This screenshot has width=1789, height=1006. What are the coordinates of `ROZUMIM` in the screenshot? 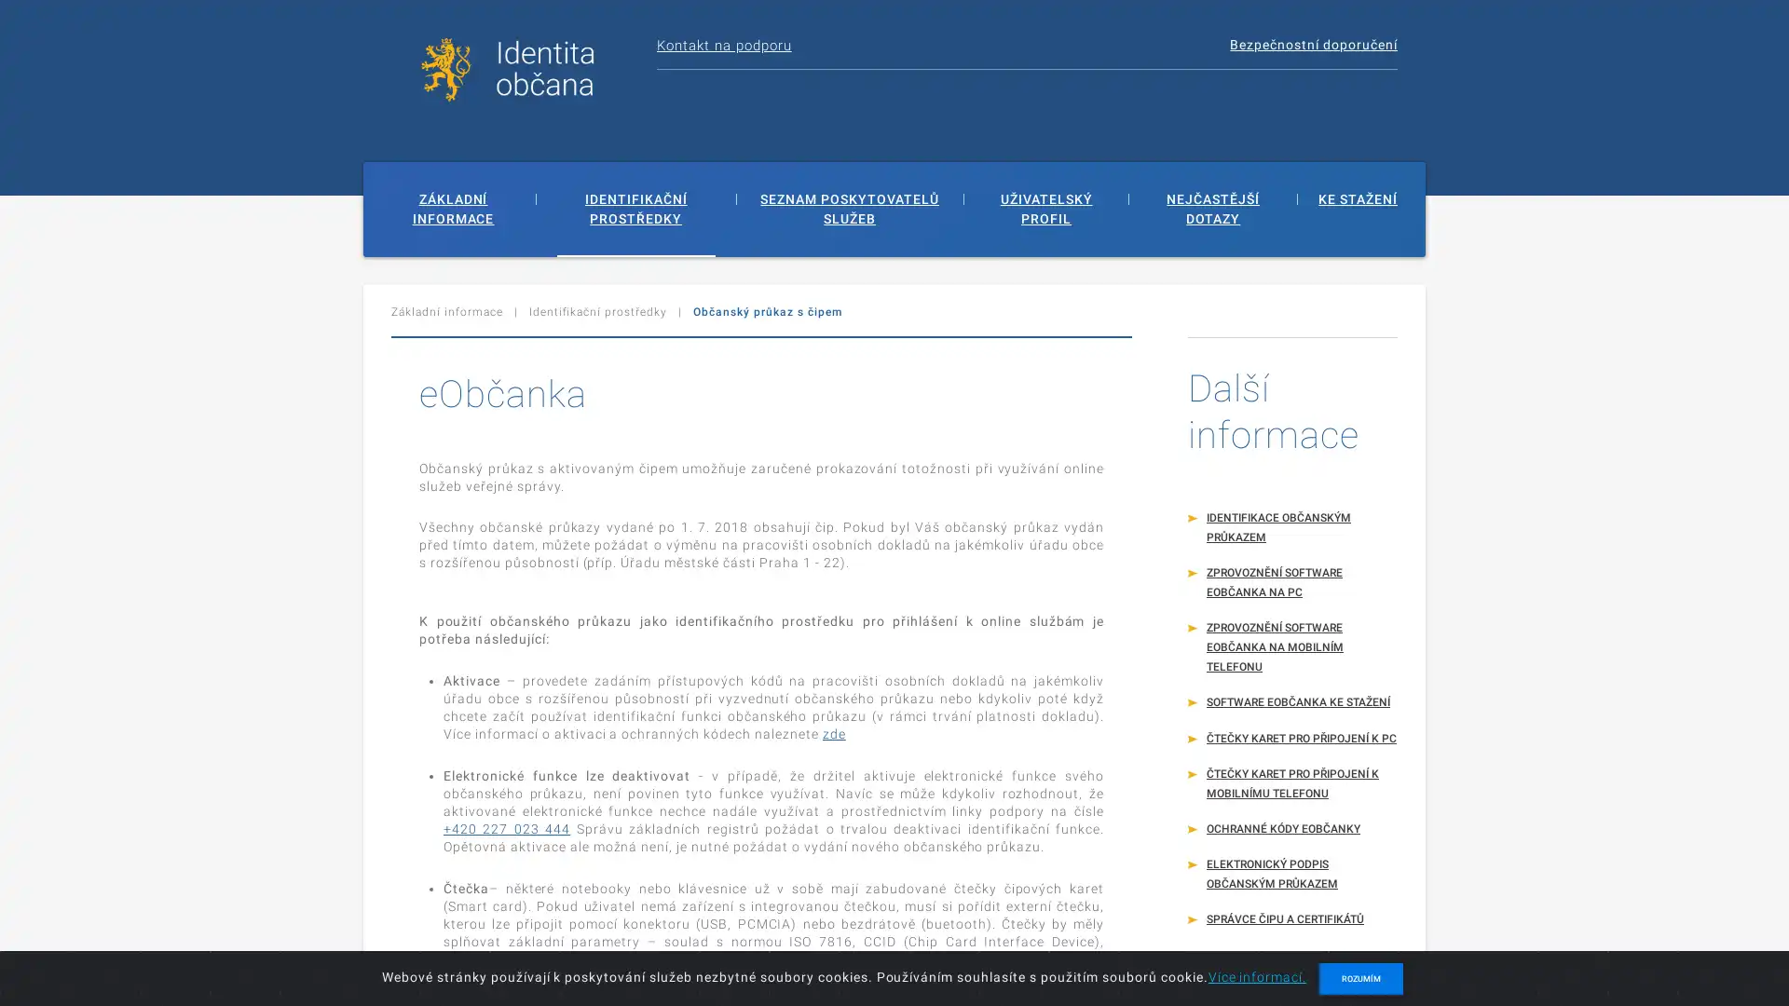 It's located at (1360, 976).